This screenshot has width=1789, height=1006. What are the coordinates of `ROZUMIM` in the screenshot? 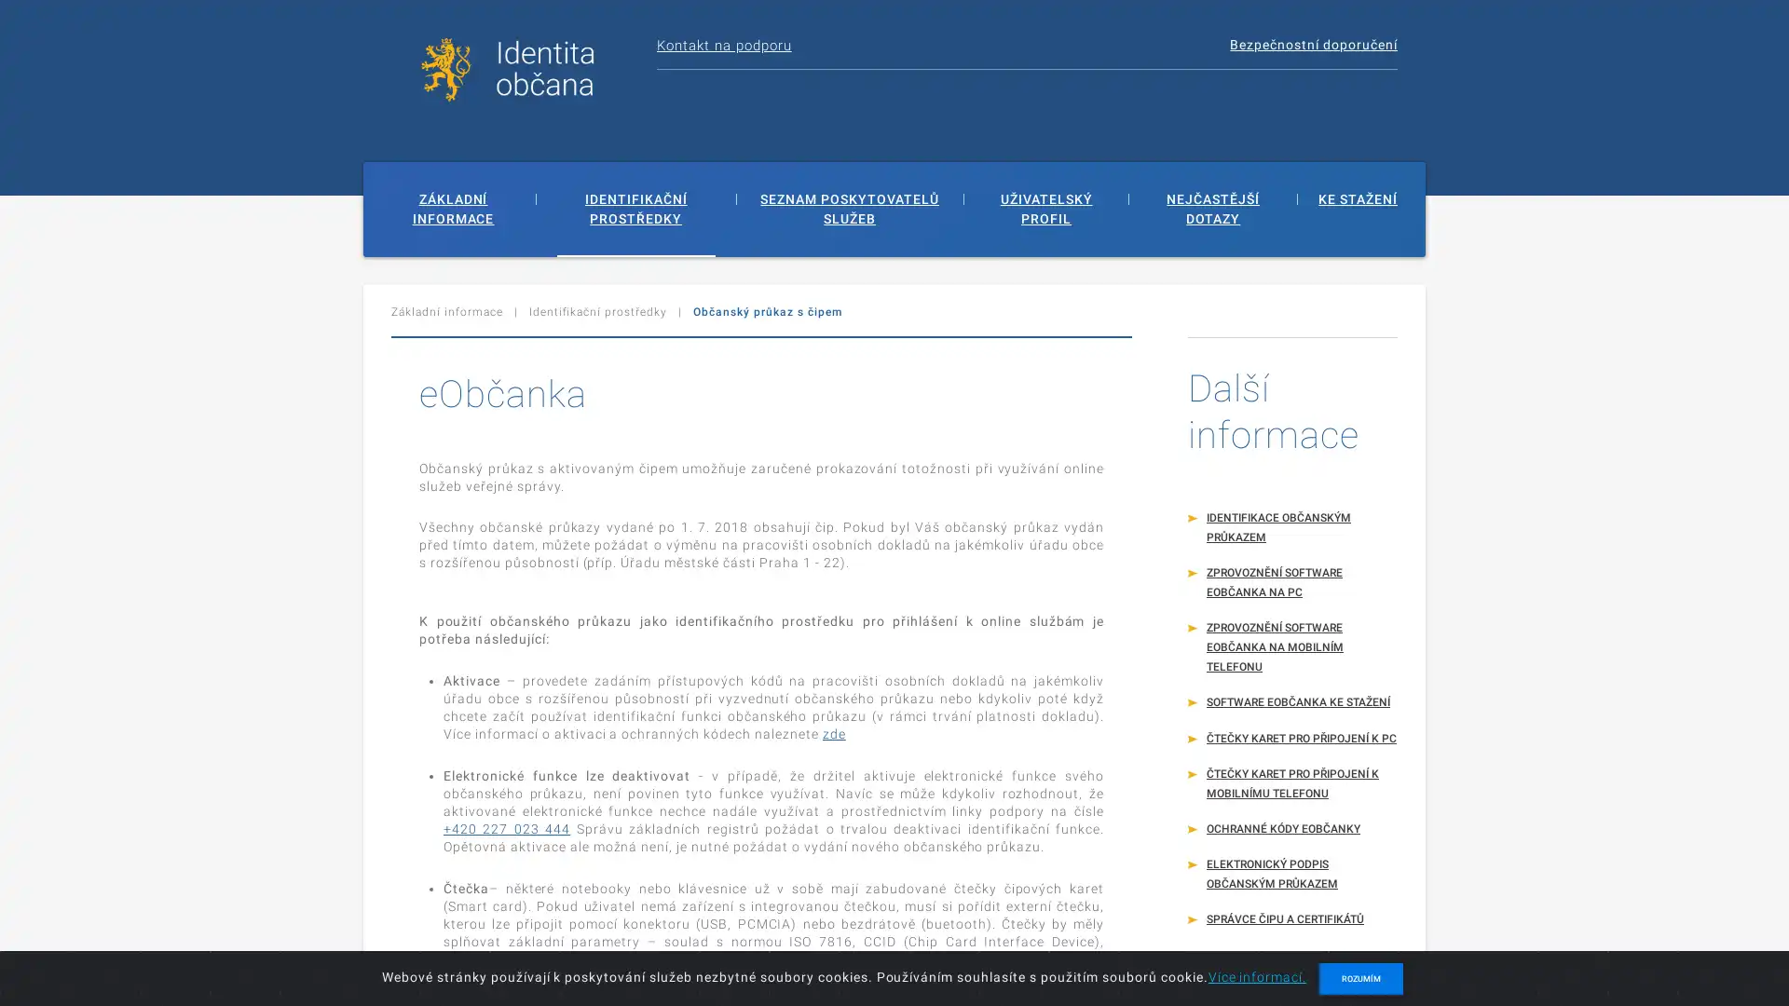 It's located at (1360, 976).